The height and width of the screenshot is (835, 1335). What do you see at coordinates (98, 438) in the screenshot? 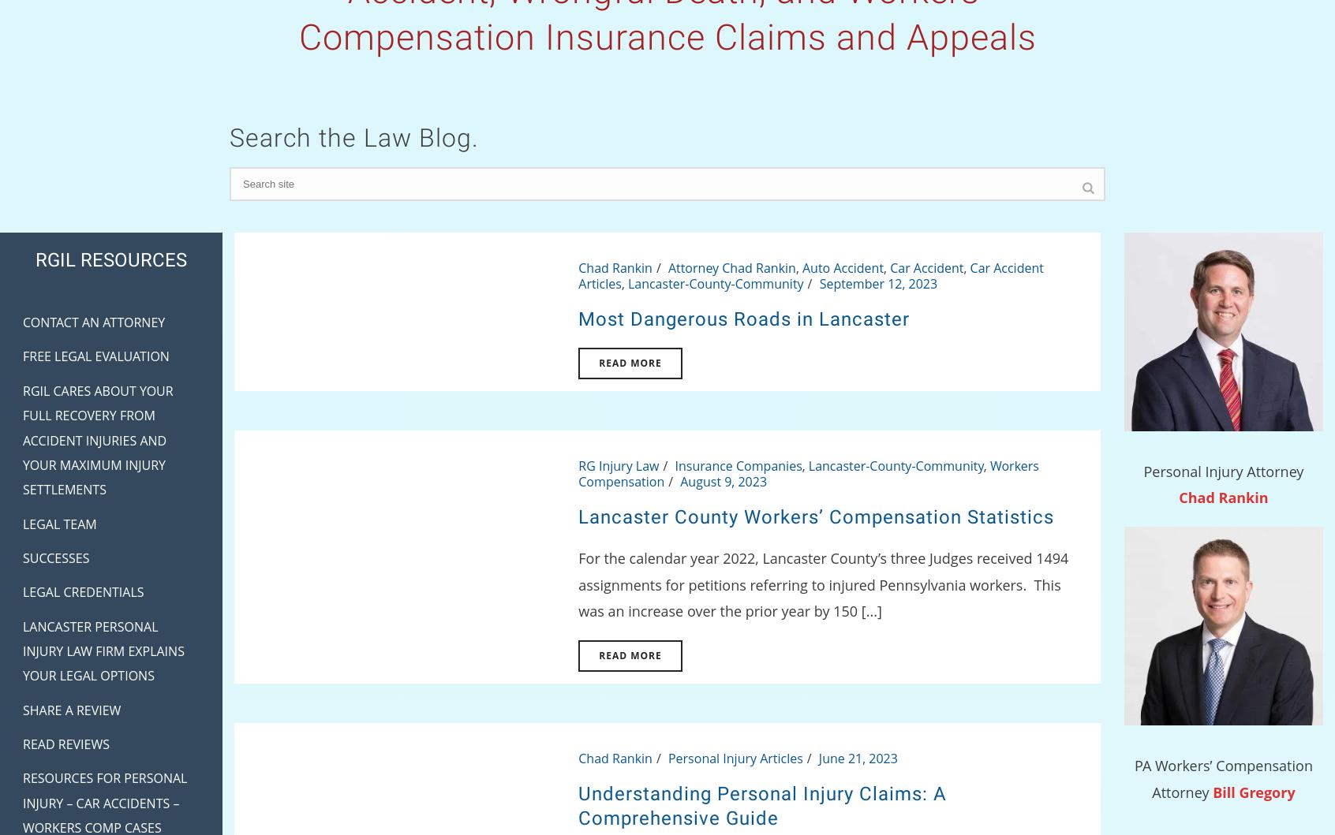
I see `'RGIL CARES About Your Full Recovery from Accident Injuries and Your Maximum Injury Settlements'` at bounding box center [98, 438].